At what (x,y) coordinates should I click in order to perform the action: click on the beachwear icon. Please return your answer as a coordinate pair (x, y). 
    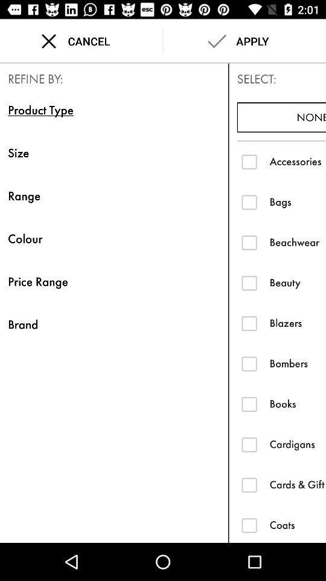
    Looking at the image, I should click on (297, 241).